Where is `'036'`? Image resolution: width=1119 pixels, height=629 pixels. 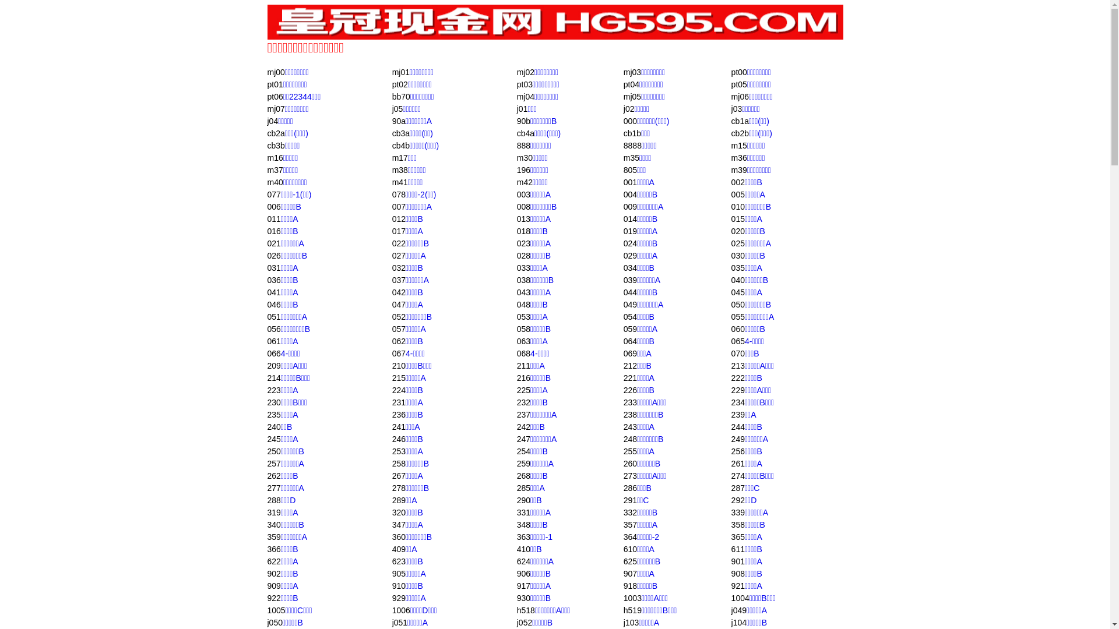
'036' is located at coordinates (273, 280).